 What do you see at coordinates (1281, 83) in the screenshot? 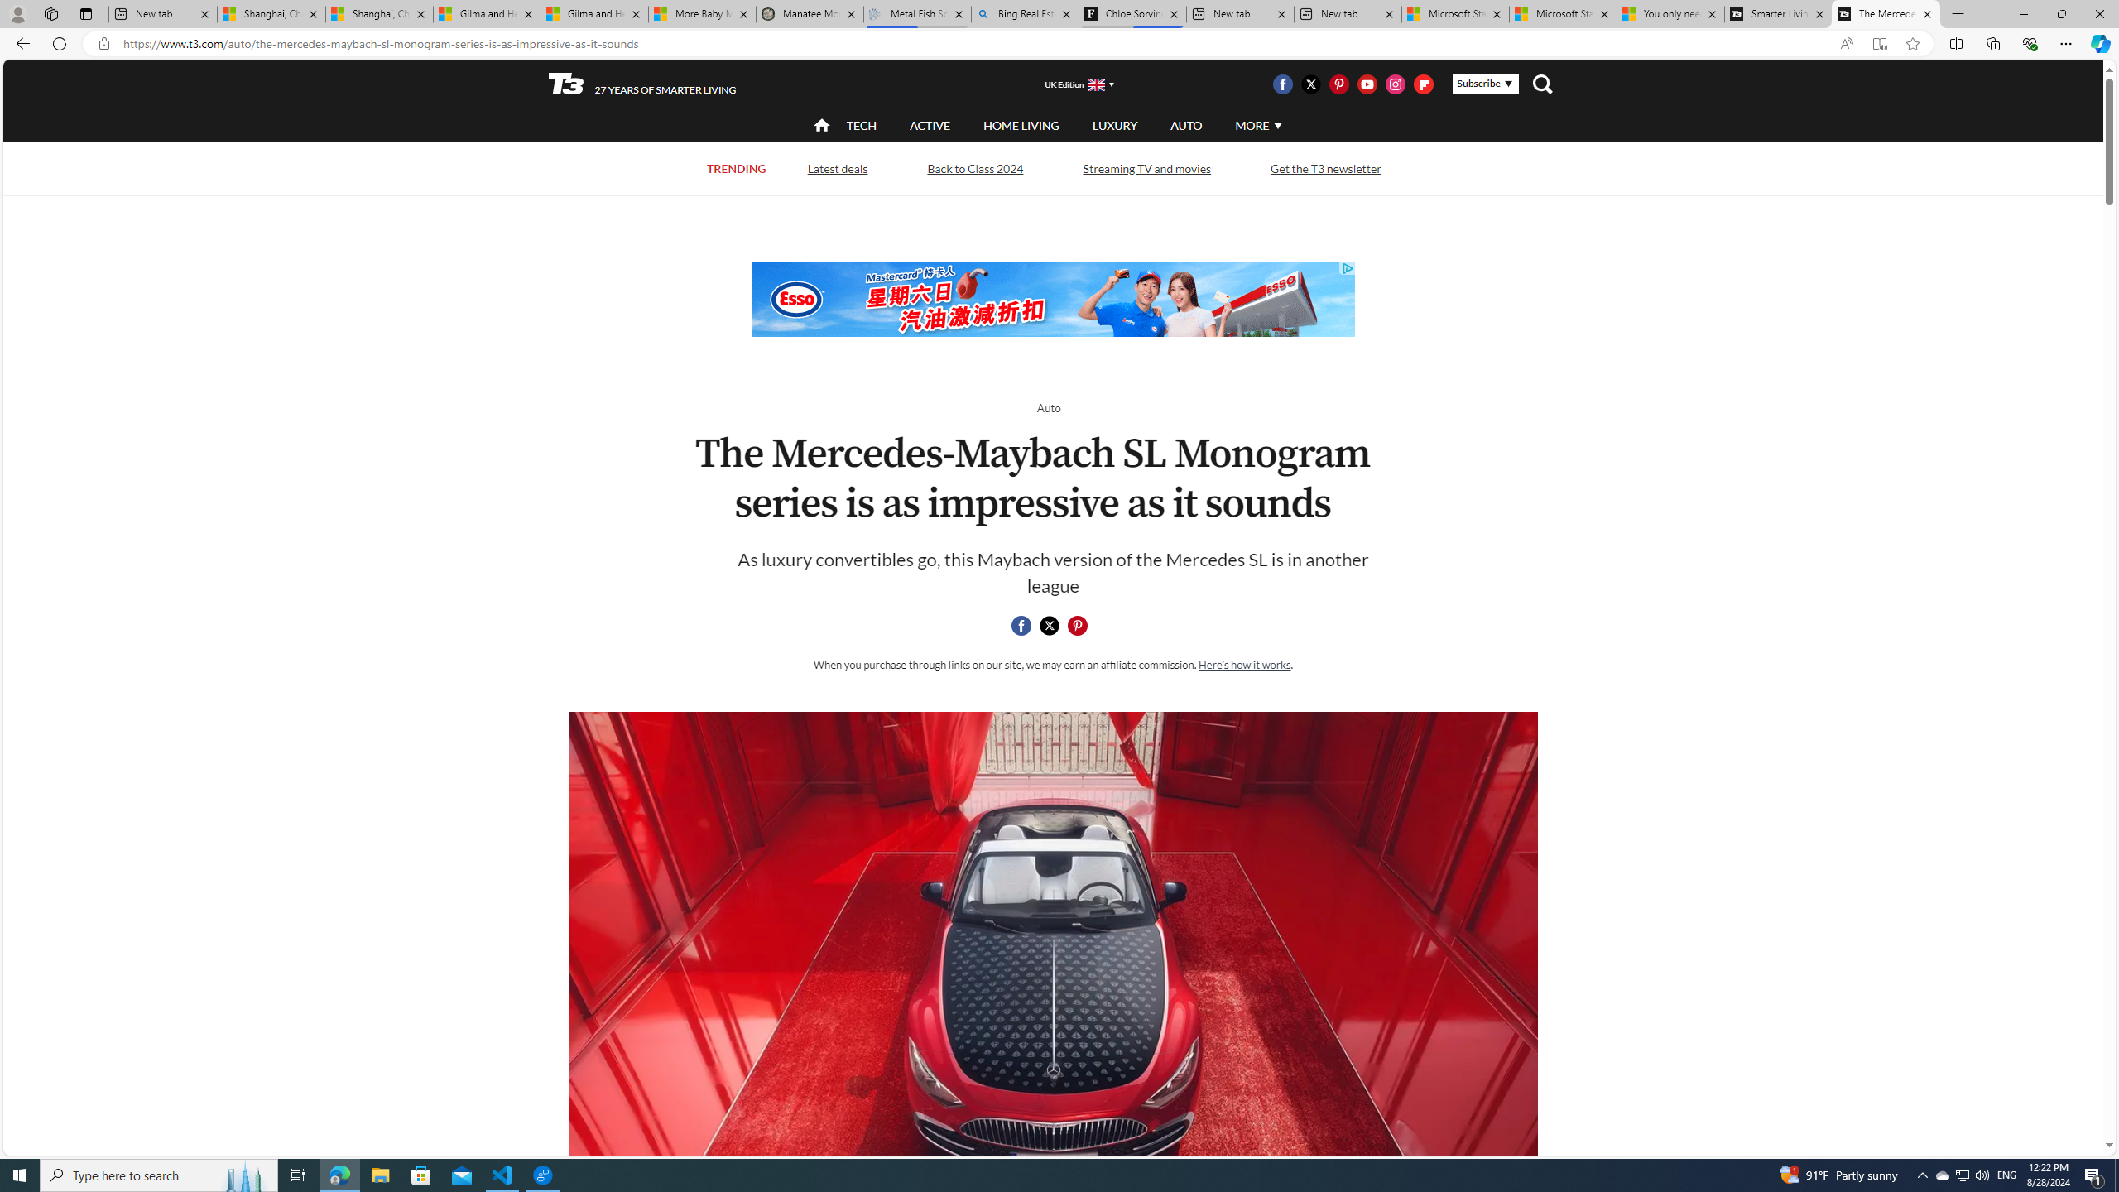
I see `'Visit us on Facebook'` at bounding box center [1281, 83].